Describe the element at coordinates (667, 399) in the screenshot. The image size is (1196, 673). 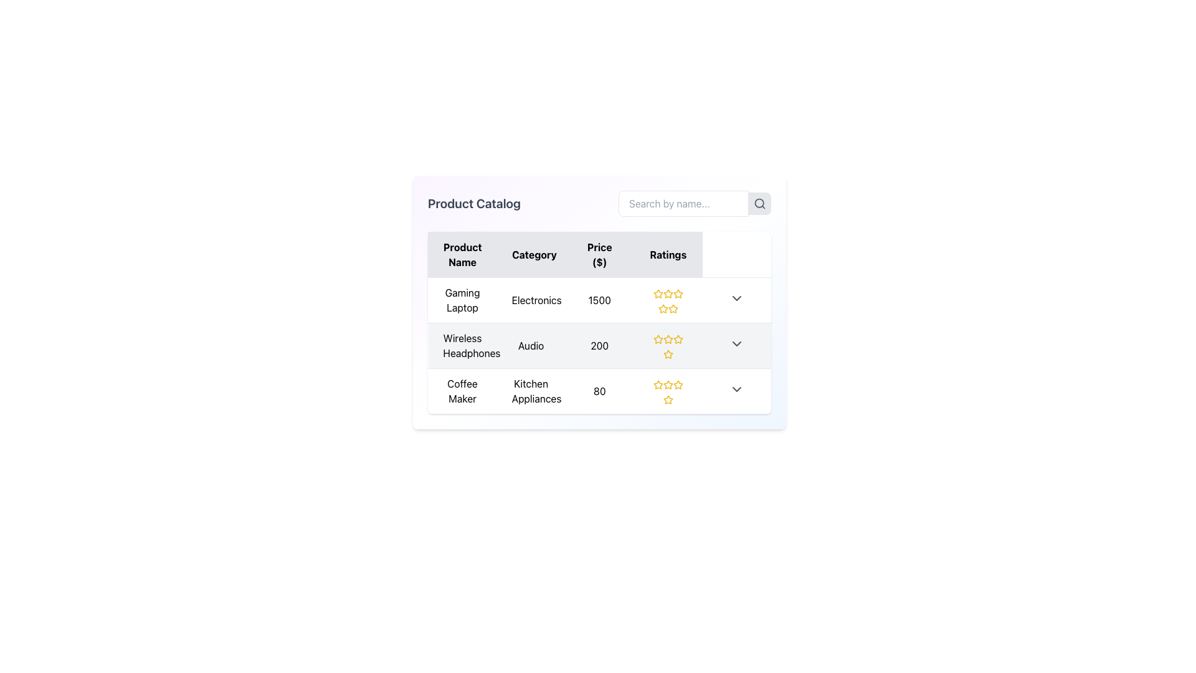
I see `the fourth star icon in the 'Ratings' column of the 'Coffee Maker' row, which is the second row from the bottom within the star rating table` at that location.